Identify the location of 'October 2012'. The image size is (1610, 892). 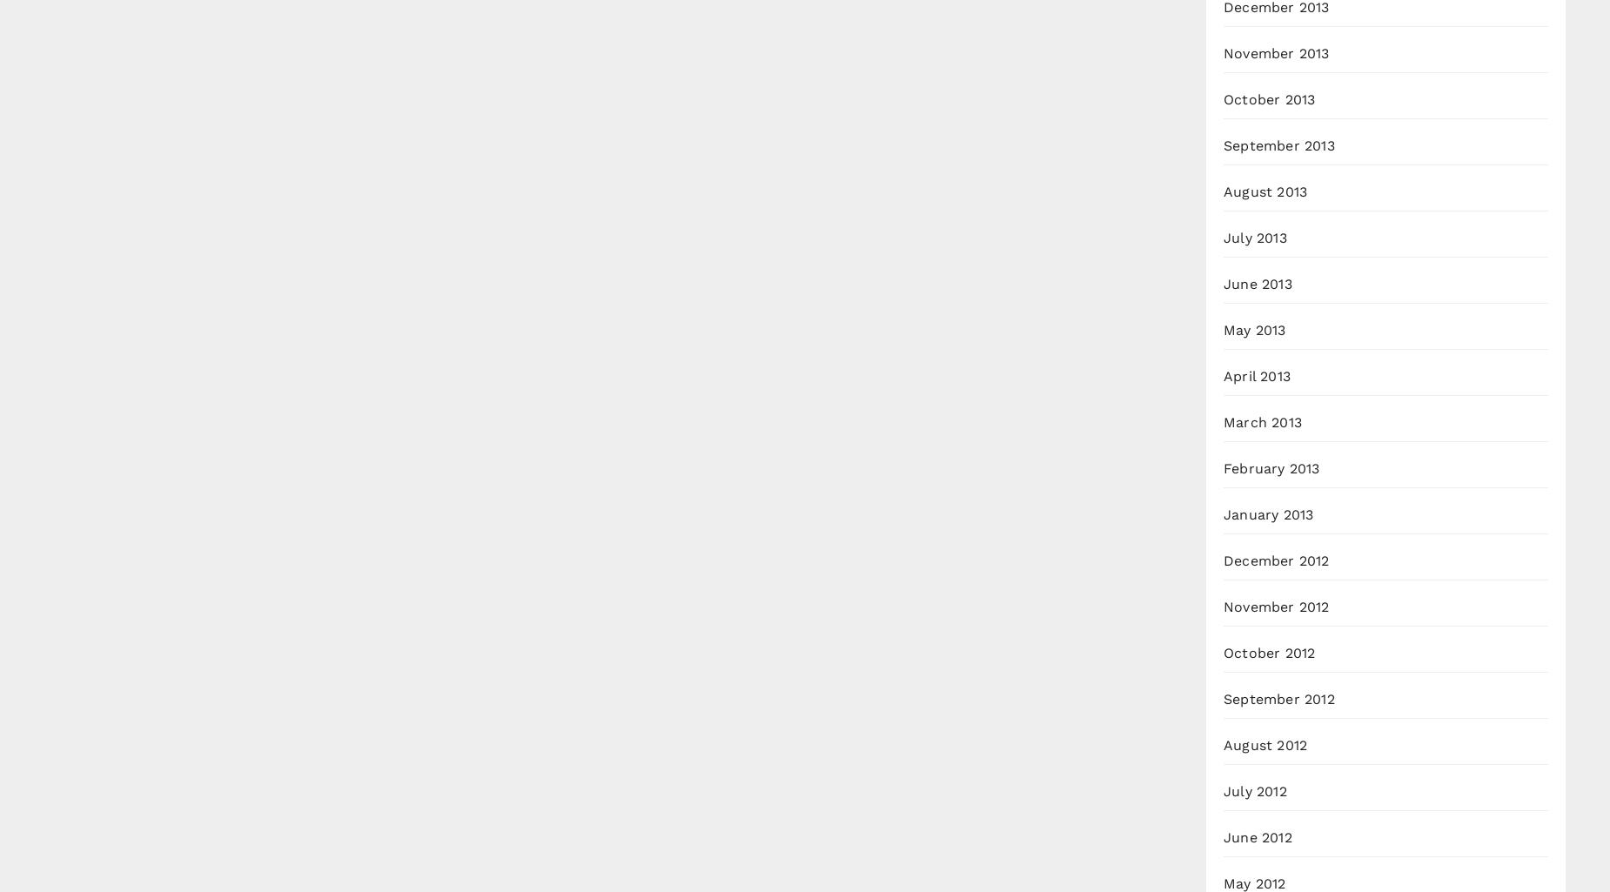
(1269, 653).